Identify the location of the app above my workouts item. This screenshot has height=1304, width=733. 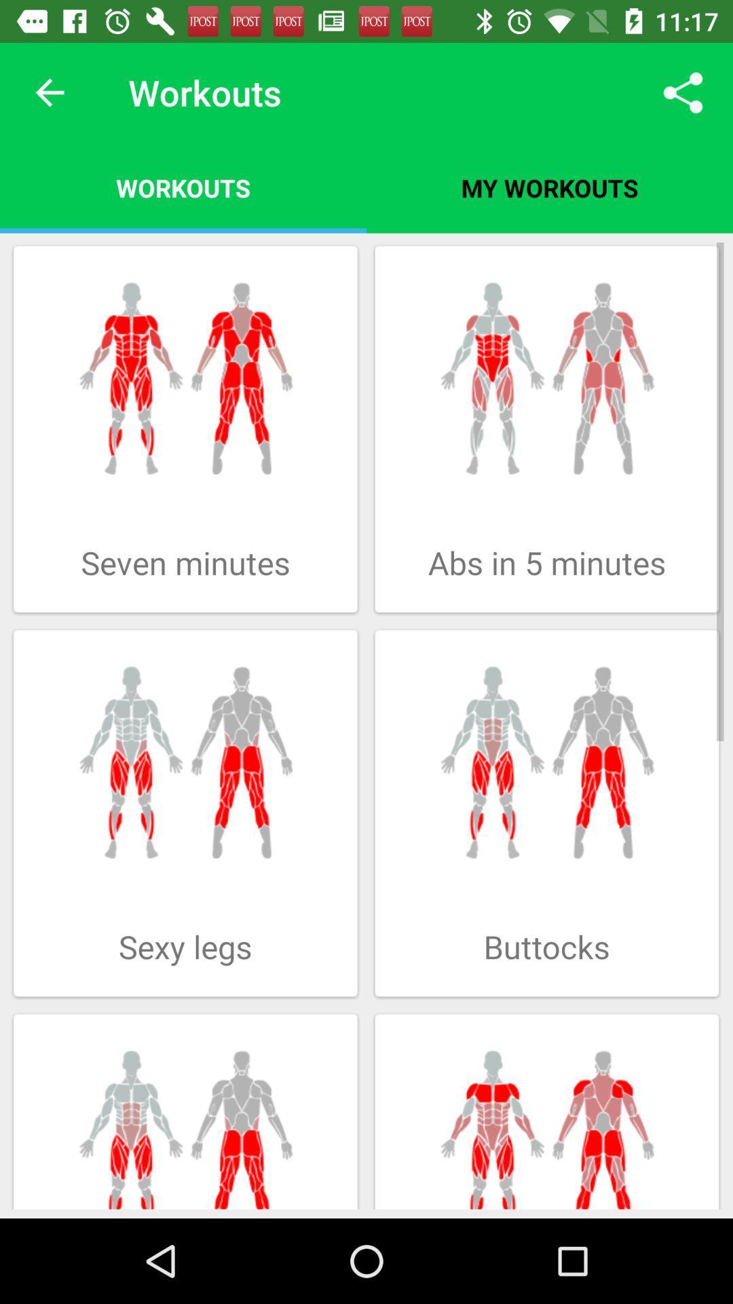
(683, 92).